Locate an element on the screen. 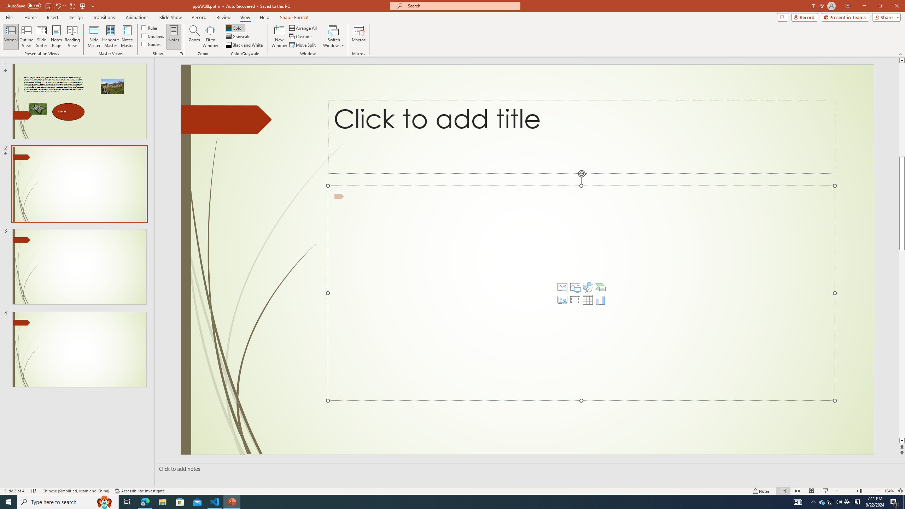  'New Window' is located at coordinates (279, 36).